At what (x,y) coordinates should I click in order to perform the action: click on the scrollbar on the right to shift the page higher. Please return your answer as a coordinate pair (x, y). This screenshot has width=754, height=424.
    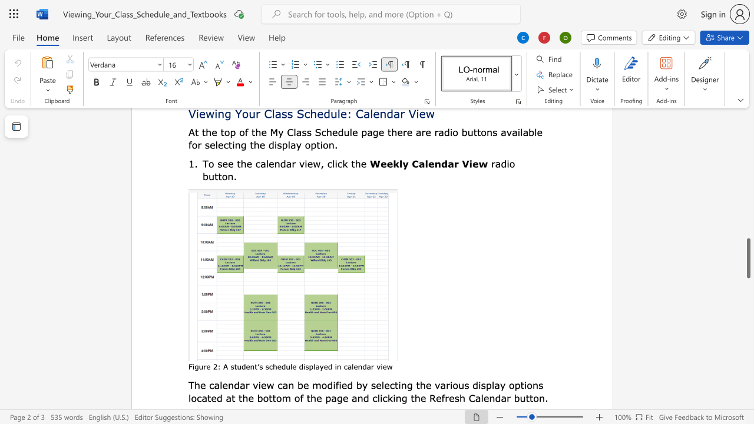
    Looking at the image, I should click on (748, 205).